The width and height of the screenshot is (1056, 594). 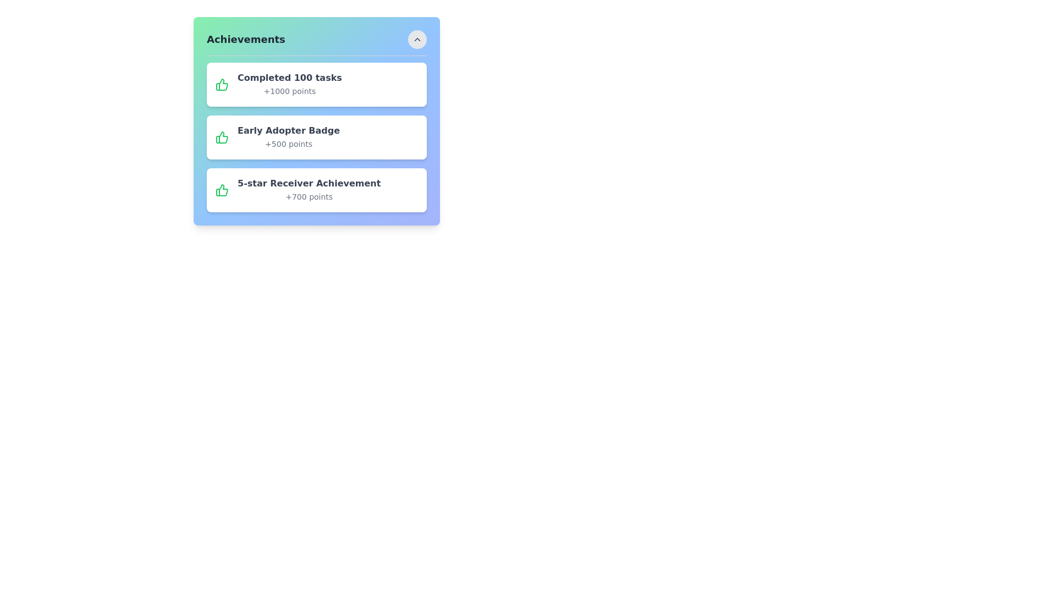 I want to click on the second thumbs-up icon located to the left of the 'Early Adopter Badge' block in the vertically stacked list, so click(x=221, y=137).